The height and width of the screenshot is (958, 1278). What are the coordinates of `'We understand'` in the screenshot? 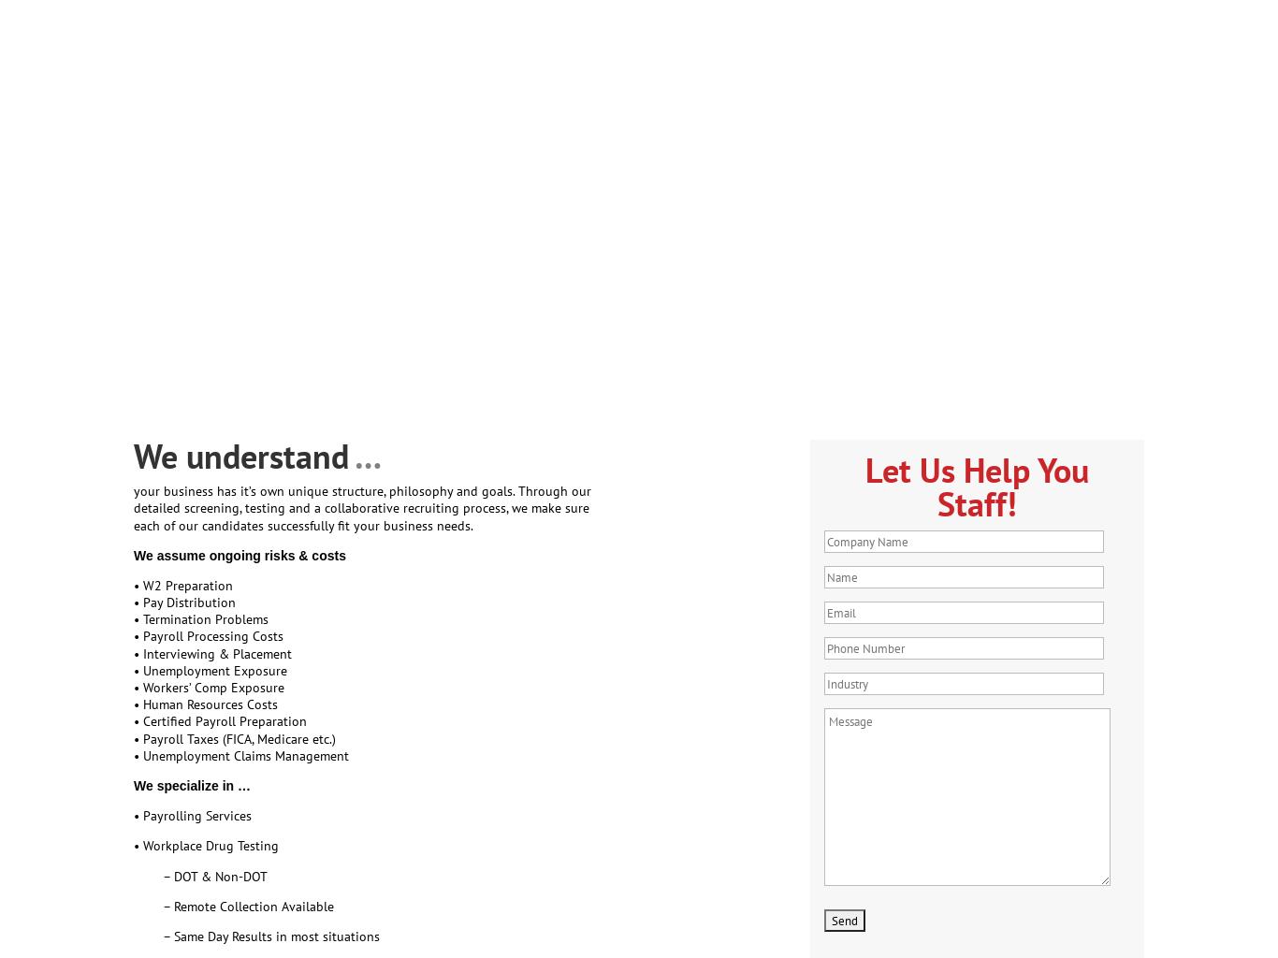 It's located at (244, 455).